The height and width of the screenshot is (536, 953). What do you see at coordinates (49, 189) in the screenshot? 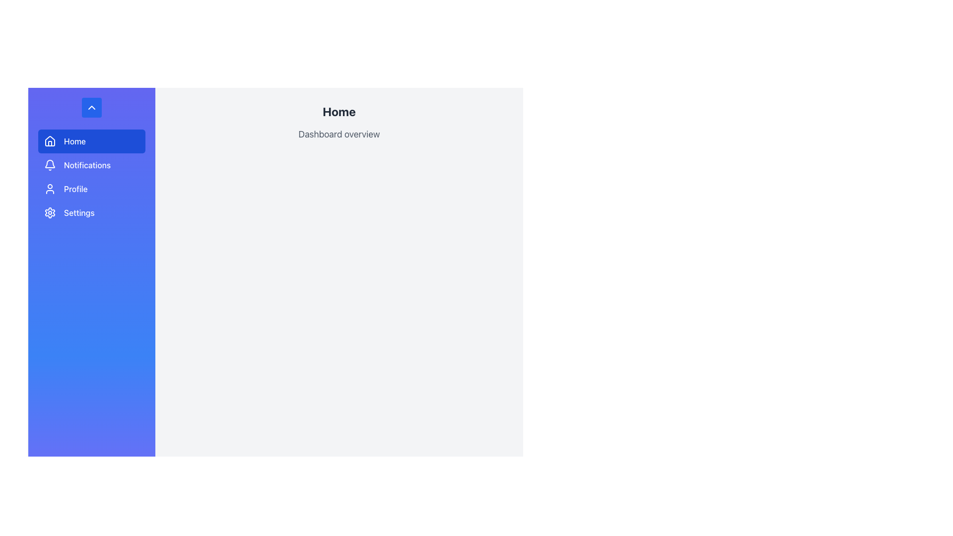
I see `the user profile icon, which is a white outline figure on a blue background, located next to the 'Profile' label in the left sidebar` at bounding box center [49, 189].